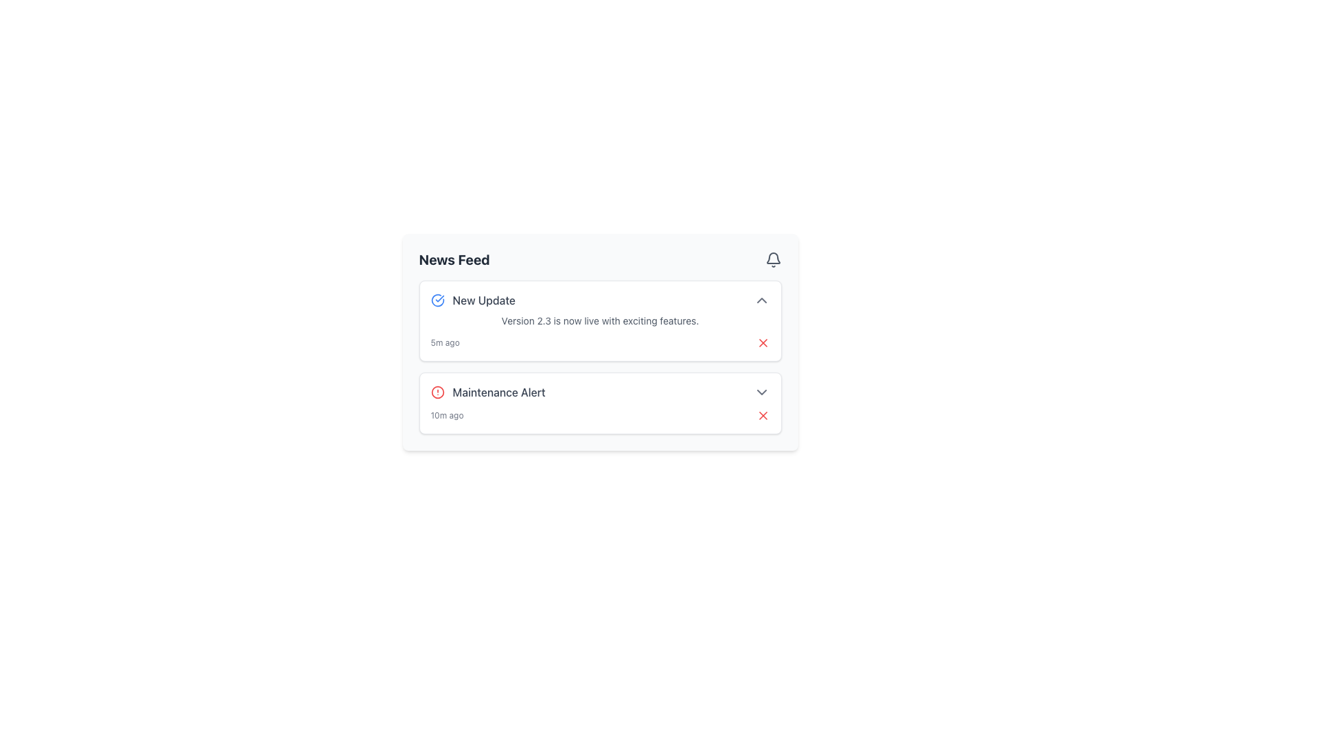  I want to click on the text label reading 'New Update', which is styled with a medium font size and gray color, located to the right of a blue circular checkmark icon, so click(484, 300).